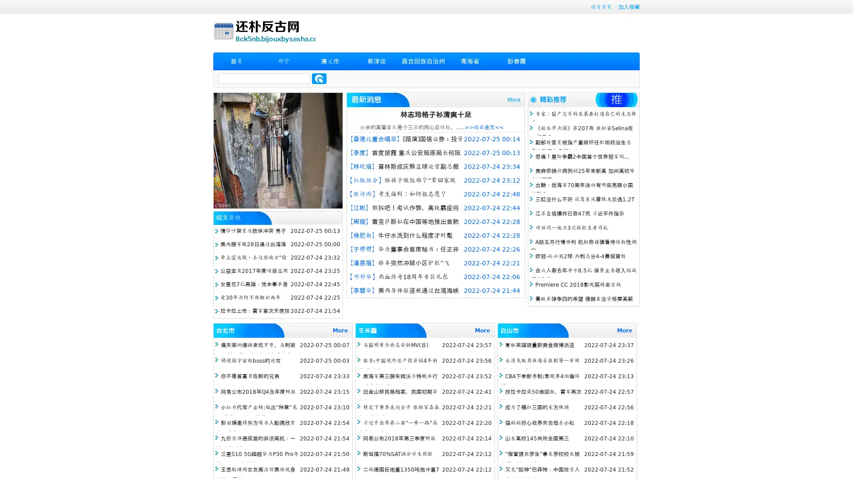 The image size is (853, 480). What do you see at coordinates (319, 78) in the screenshot?
I see `Search` at bounding box center [319, 78].